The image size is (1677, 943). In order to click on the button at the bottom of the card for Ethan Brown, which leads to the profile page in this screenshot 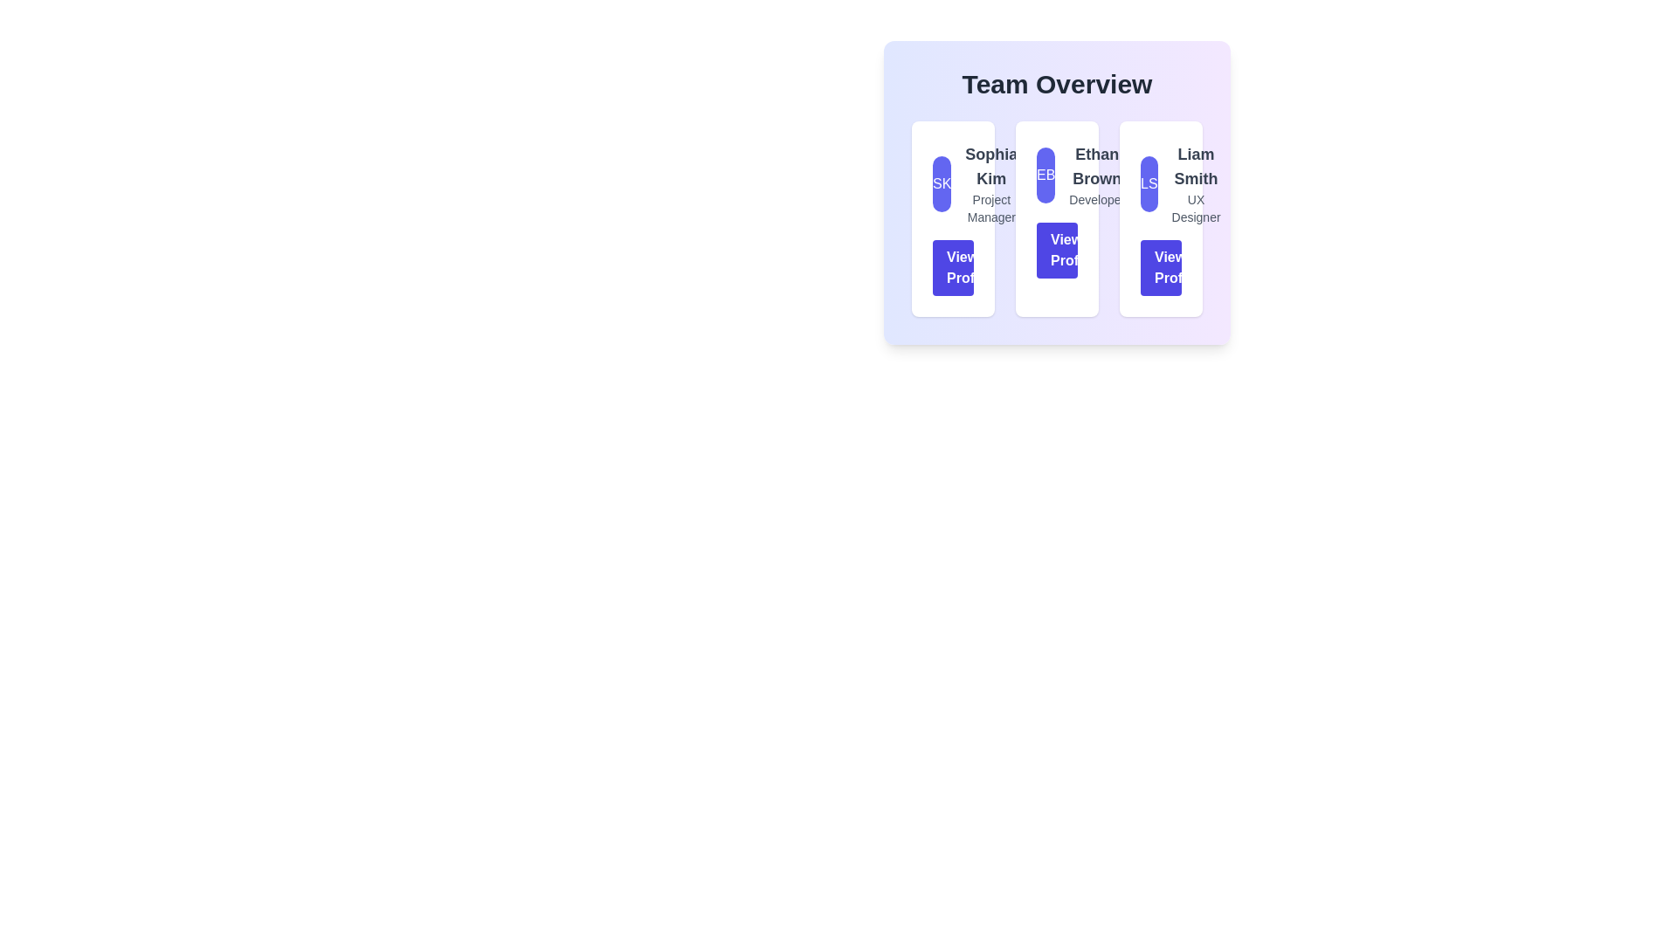, I will do `click(1056, 250)`.